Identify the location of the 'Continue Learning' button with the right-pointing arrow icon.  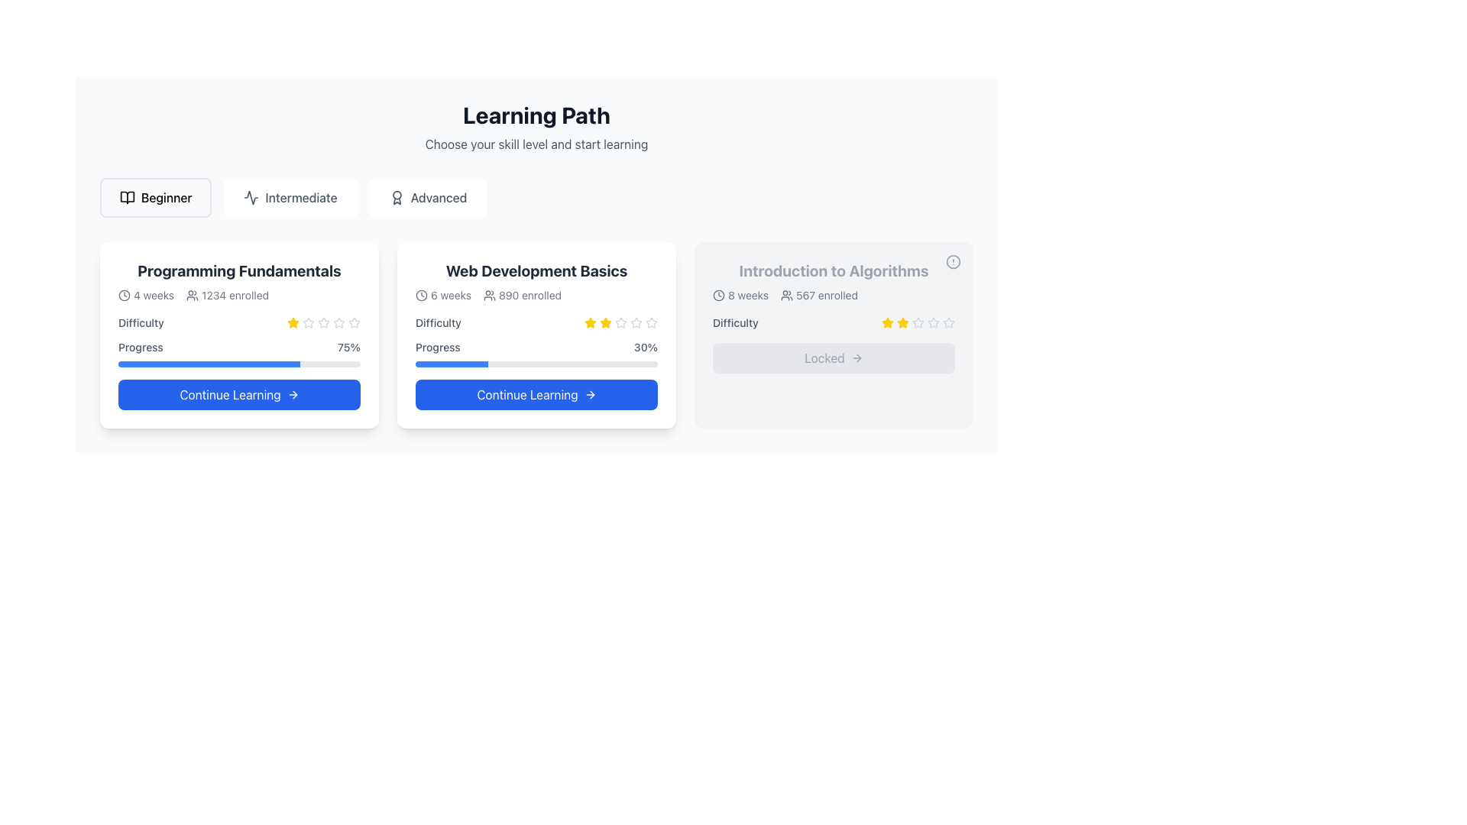
(536, 393).